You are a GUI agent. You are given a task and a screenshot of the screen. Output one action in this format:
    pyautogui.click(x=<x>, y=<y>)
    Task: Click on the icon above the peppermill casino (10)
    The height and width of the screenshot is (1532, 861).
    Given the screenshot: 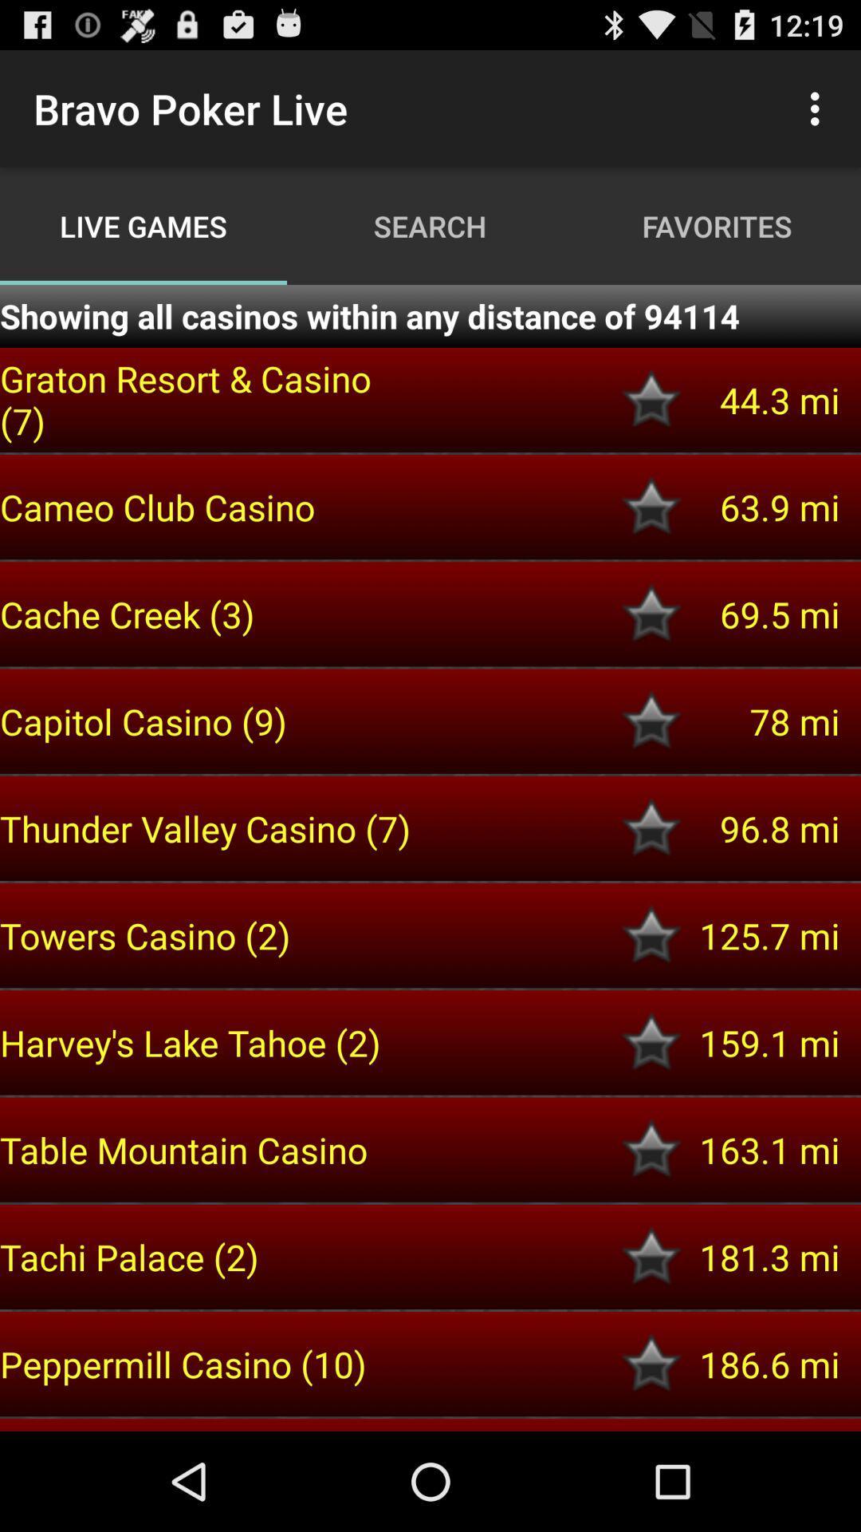 What is the action you would take?
    pyautogui.click(x=208, y=1256)
    